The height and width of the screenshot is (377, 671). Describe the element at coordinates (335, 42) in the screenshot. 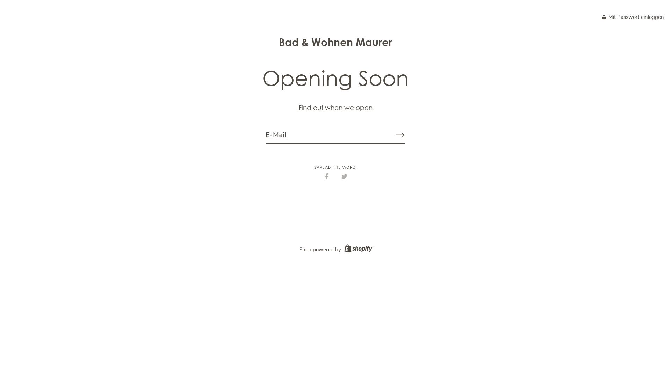

I see `'Bad & Wohnen Maurer'` at that location.